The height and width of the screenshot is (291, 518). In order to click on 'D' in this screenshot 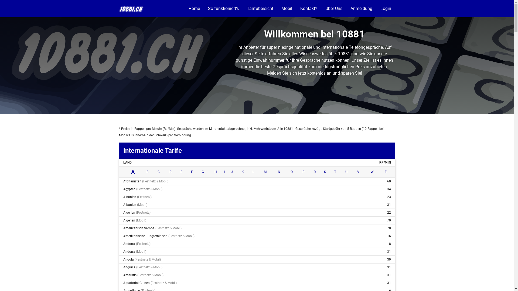, I will do `click(170, 172)`.